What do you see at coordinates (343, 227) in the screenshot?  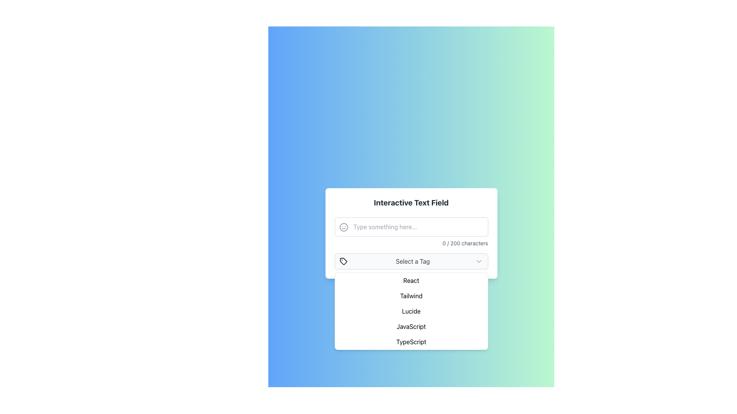 I see `the simplistic, circular smiley face icon located near the left edge of the input field at the top portion of the interface component` at bounding box center [343, 227].